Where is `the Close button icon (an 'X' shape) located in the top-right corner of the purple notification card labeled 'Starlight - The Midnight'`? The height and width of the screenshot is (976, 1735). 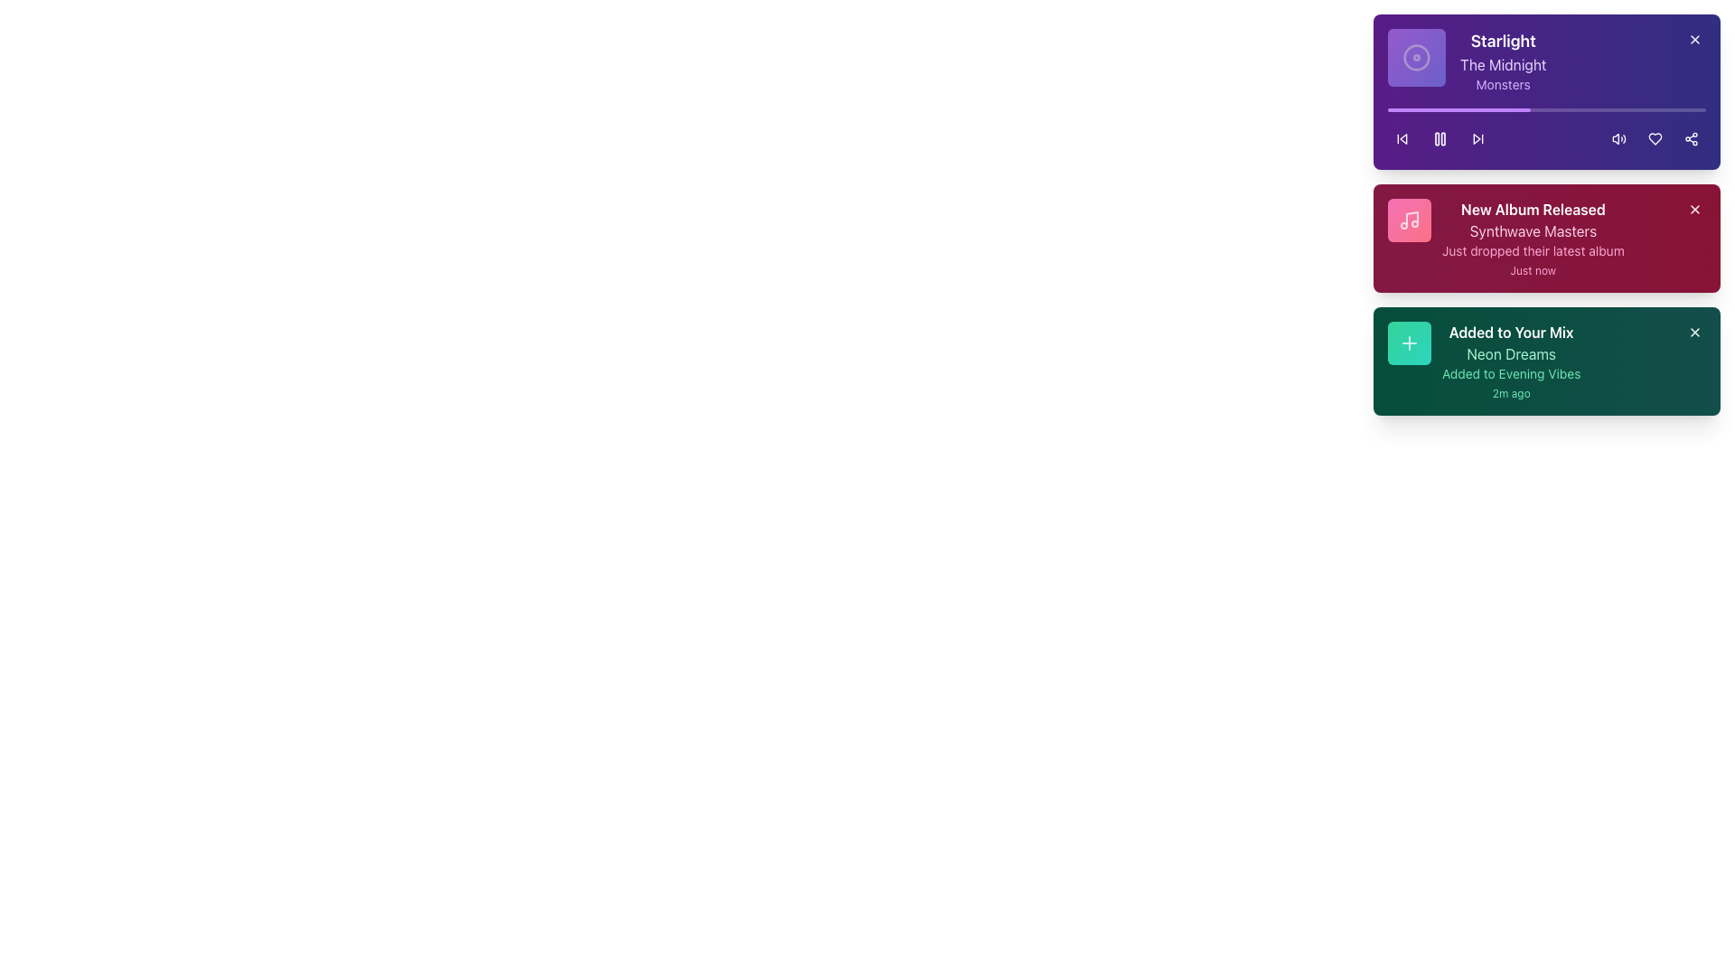 the Close button icon (an 'X' shape) located in the top-right corner of the purple notification card labeled 'Starlight - The Midnight' is located at coordinates (1694, 39).